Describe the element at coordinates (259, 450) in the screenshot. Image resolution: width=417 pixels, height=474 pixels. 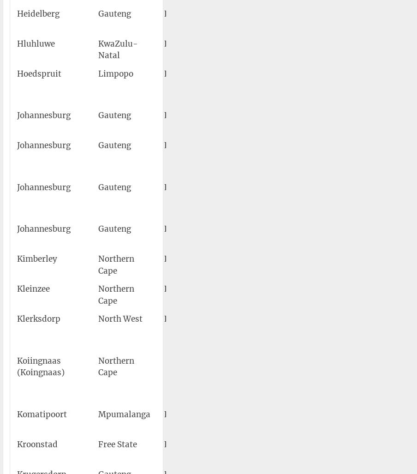
I see `'Kroonstad Airport'` at that location.